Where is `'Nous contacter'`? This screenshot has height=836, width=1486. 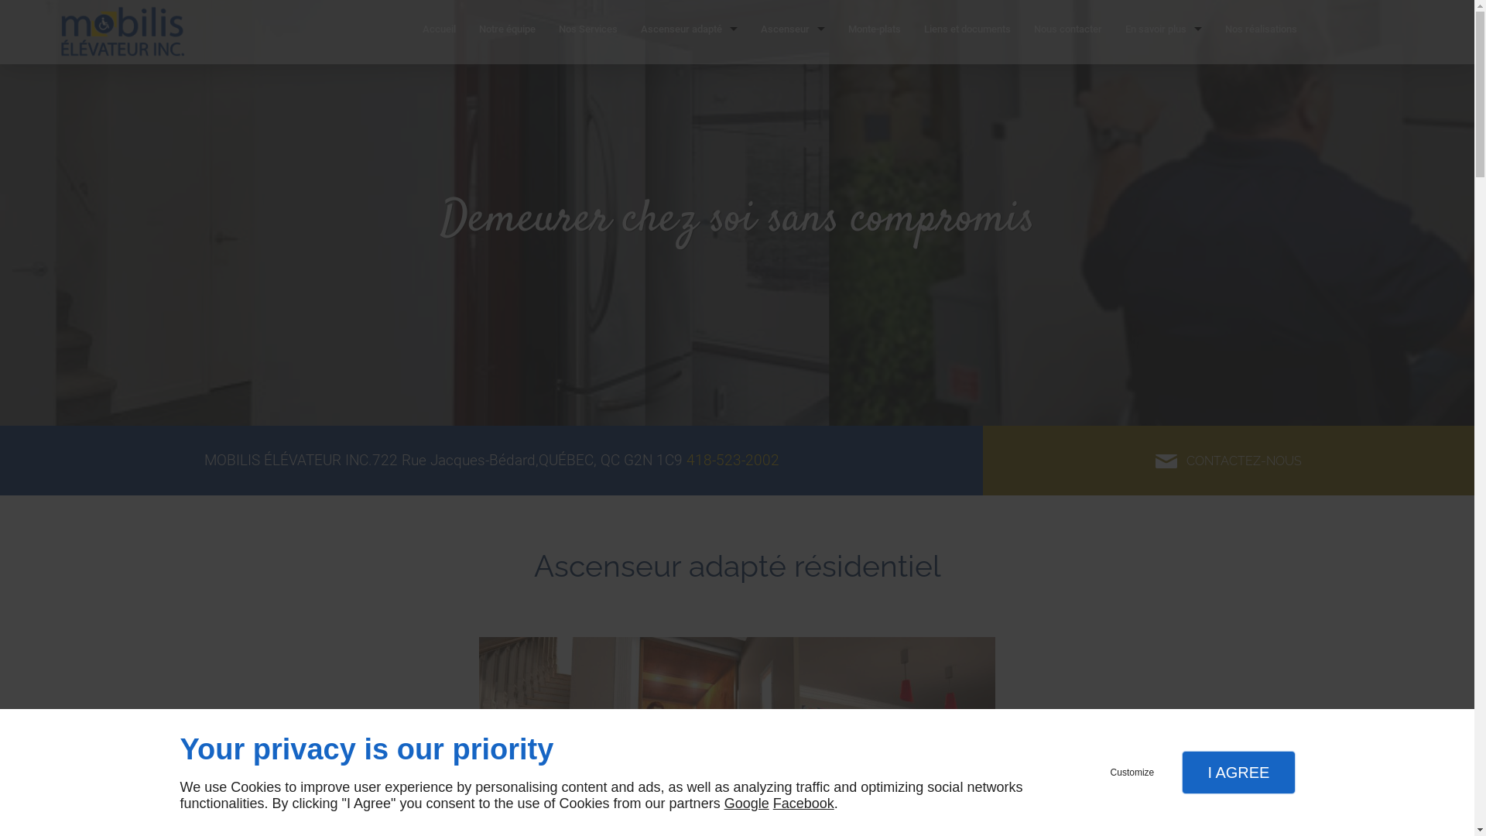
'Nous contacter' is located at coordinates (1067, 32).